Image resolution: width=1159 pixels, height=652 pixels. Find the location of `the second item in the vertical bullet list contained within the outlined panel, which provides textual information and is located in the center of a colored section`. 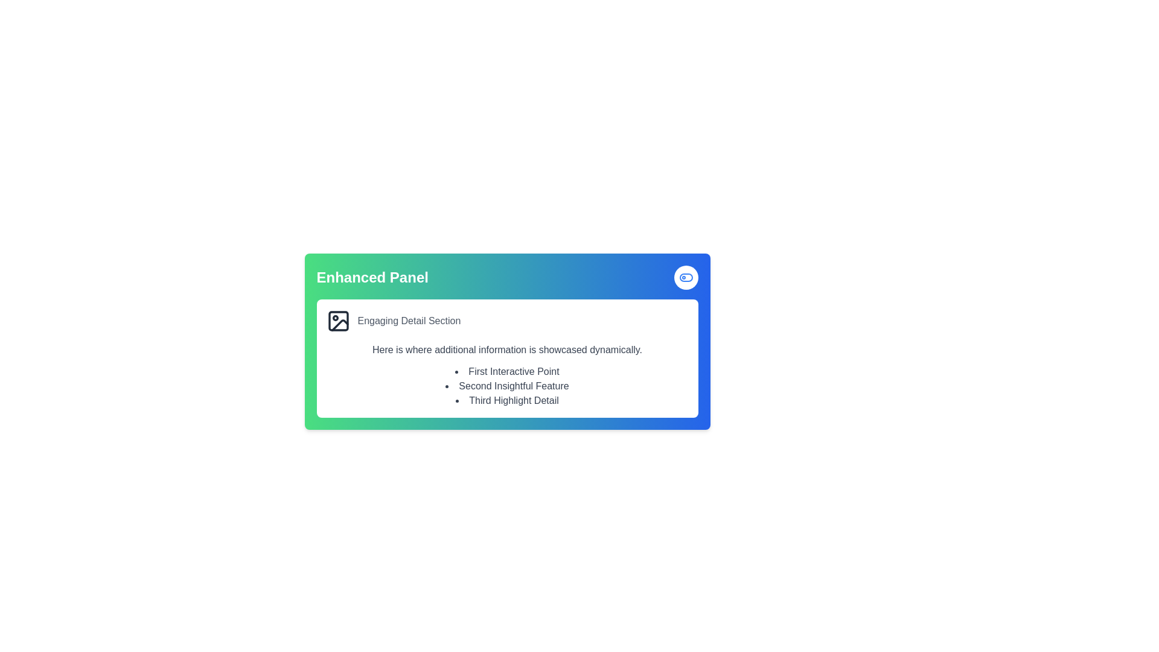

the second item in the vertical bullet list contained within the outlined panel, which provides textual information and is located in the center of a colored section is located at coordinates (507, 386).